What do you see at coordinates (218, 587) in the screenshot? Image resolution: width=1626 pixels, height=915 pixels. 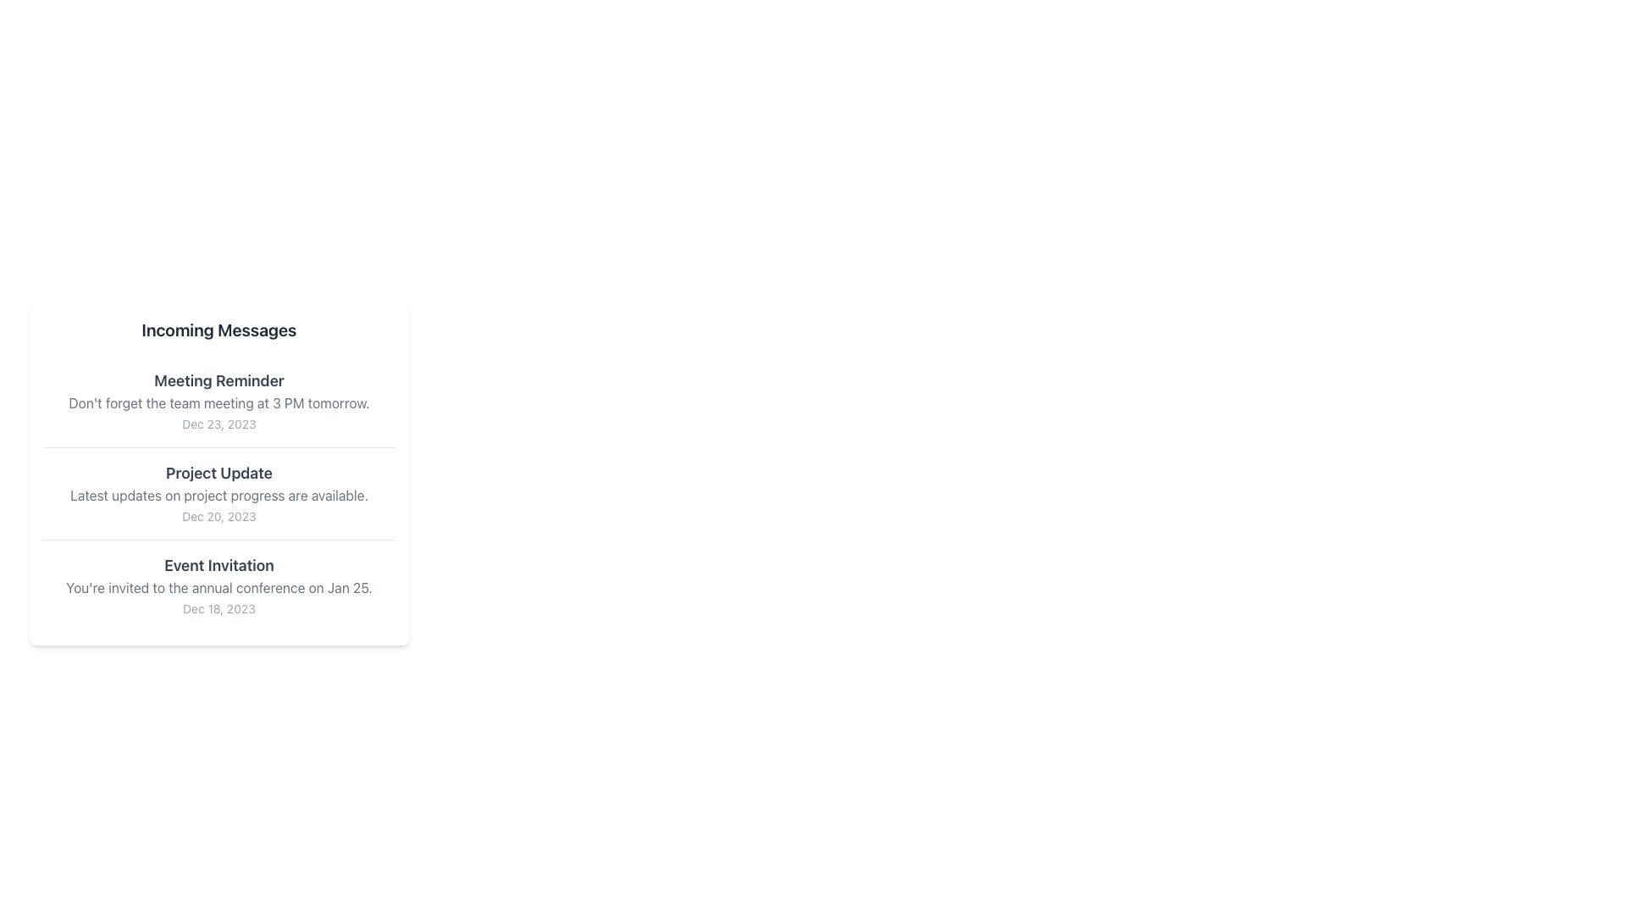 I see `the informational text that reads "You're invited to the annual conference on Jan 25," which is styled in gray and positioned between the header "Event Invitation" and the date "Dec 18, 2023."` at bounding box center [218, 587].